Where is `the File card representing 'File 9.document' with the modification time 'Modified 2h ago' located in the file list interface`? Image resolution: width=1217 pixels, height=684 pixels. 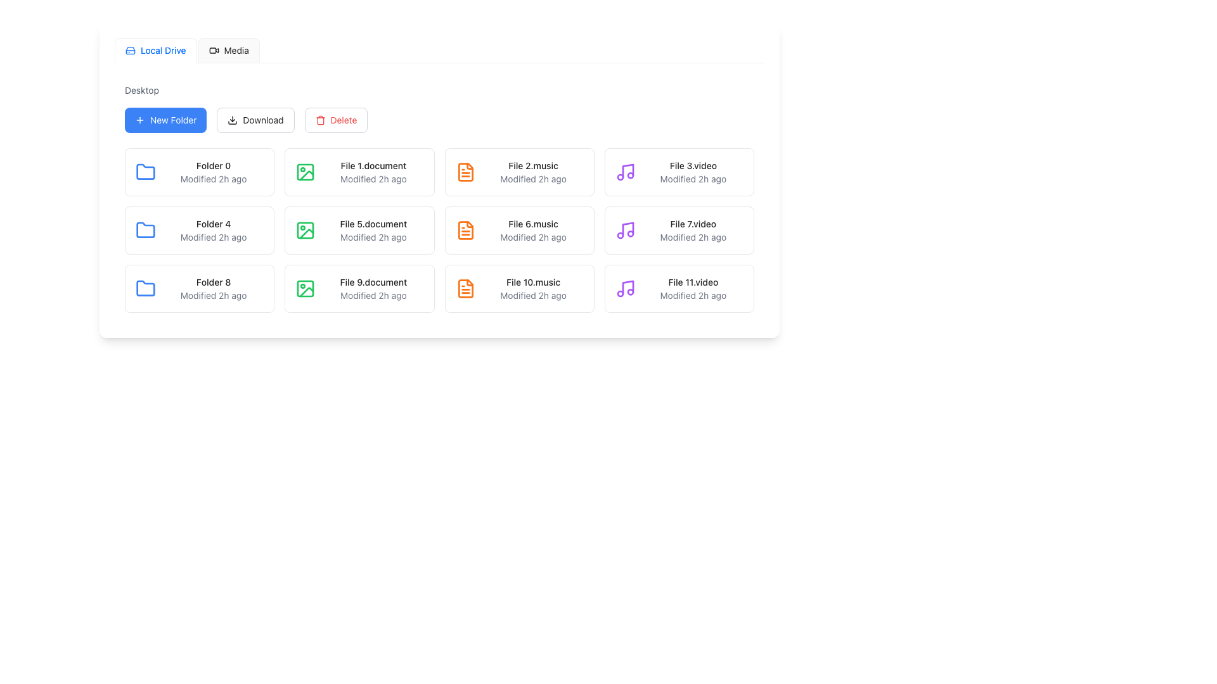
the File card representing 'File 9.document' with the modification time 'Modified 2h ago' located in the file list interface is located at coordinates (373, 288).